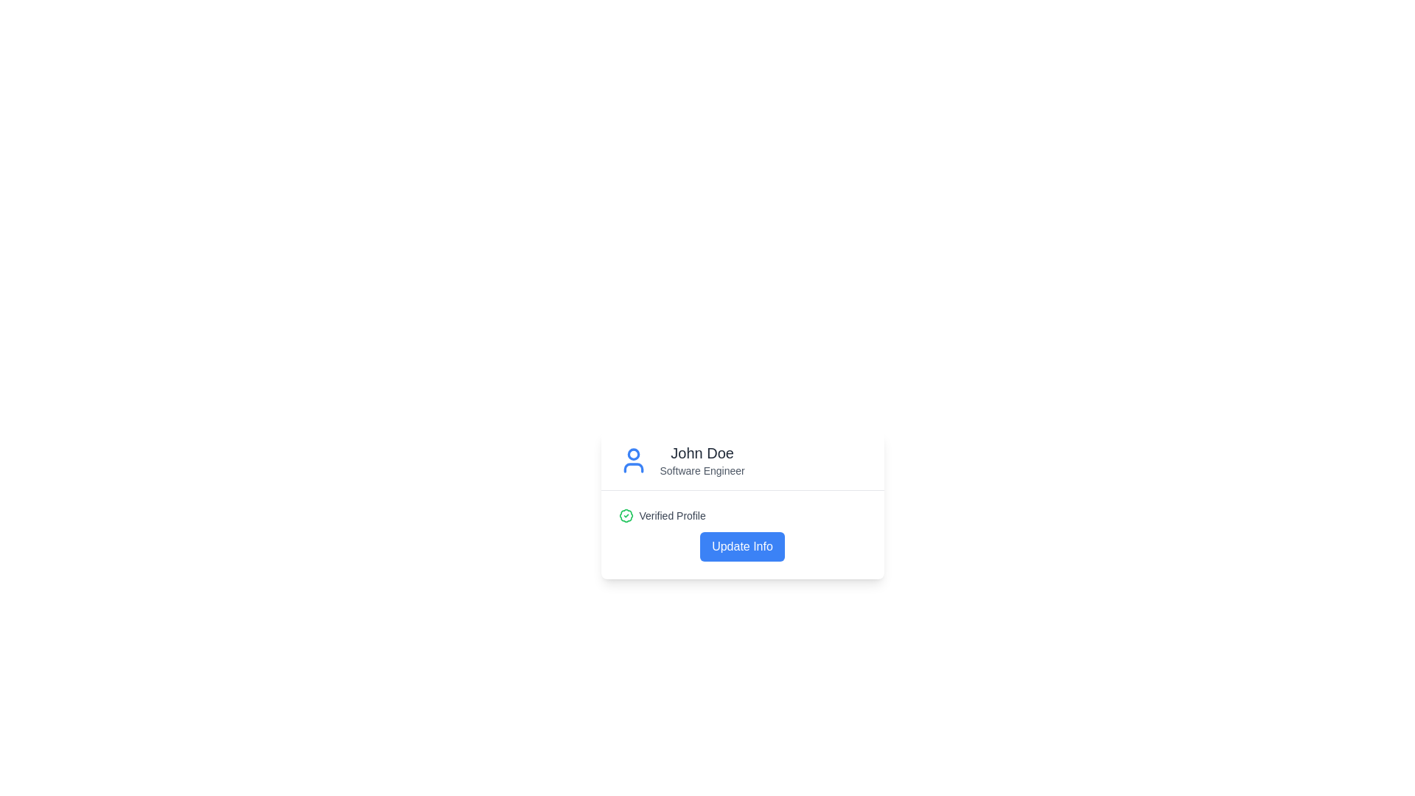 This screenshot has width=1415, height=796. Describe the element at coordinates (626, 514) in the screenshot. I see `the green circular badge icon with a check mark that signifies approval, located to the left of the 'Verified Profile' text in the lower section of the card layout` at that location.